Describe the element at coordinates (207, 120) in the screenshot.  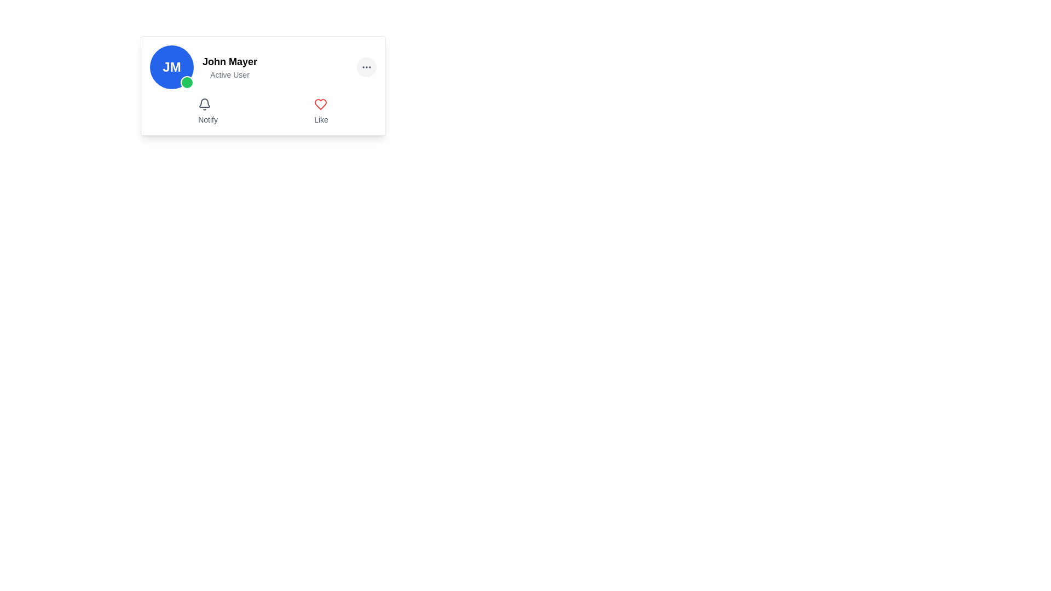
I see `the 'Notify' text label that describes the bell icon above it, indicating its notification functionality` at that location.